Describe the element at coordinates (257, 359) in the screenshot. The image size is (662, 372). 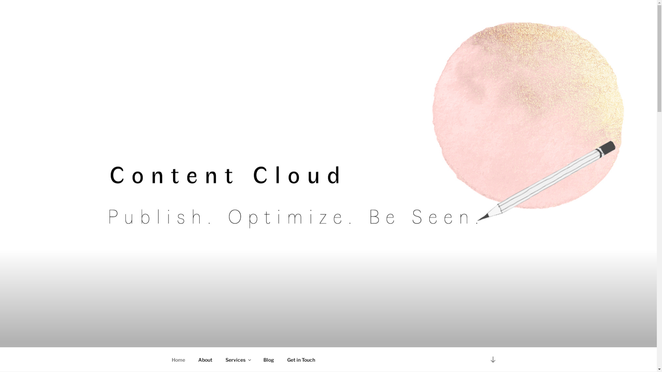
I see `'Blog'` at that location.